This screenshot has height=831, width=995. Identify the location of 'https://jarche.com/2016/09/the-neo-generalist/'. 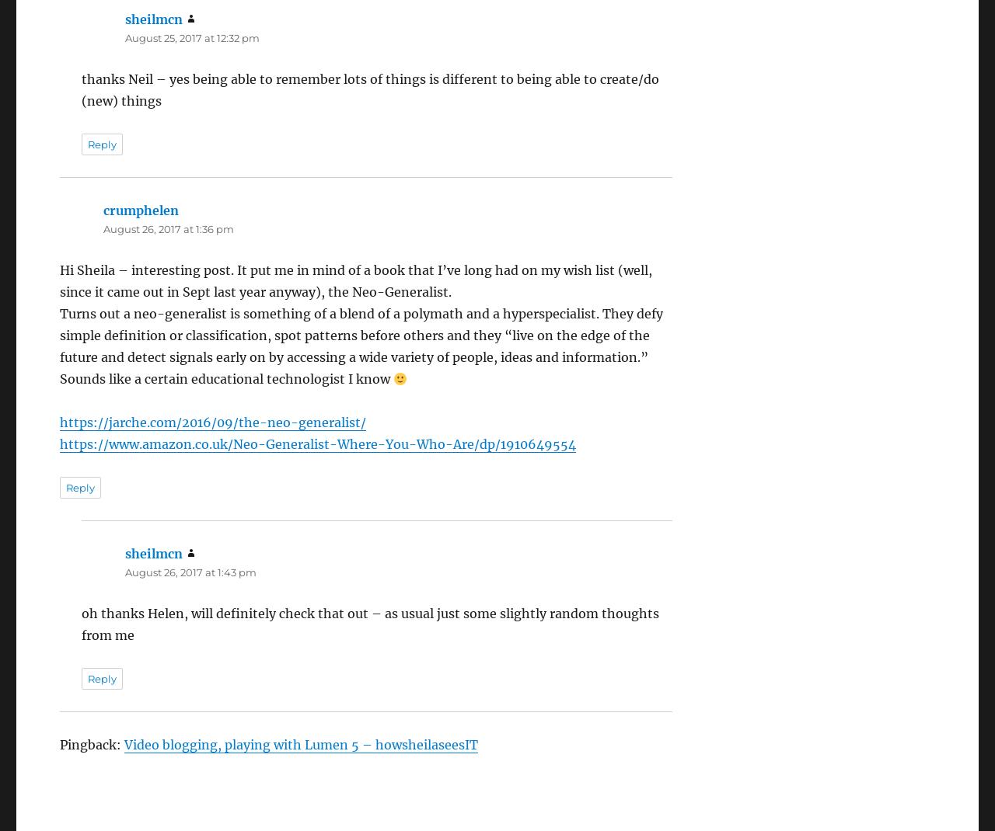
(212, 421).